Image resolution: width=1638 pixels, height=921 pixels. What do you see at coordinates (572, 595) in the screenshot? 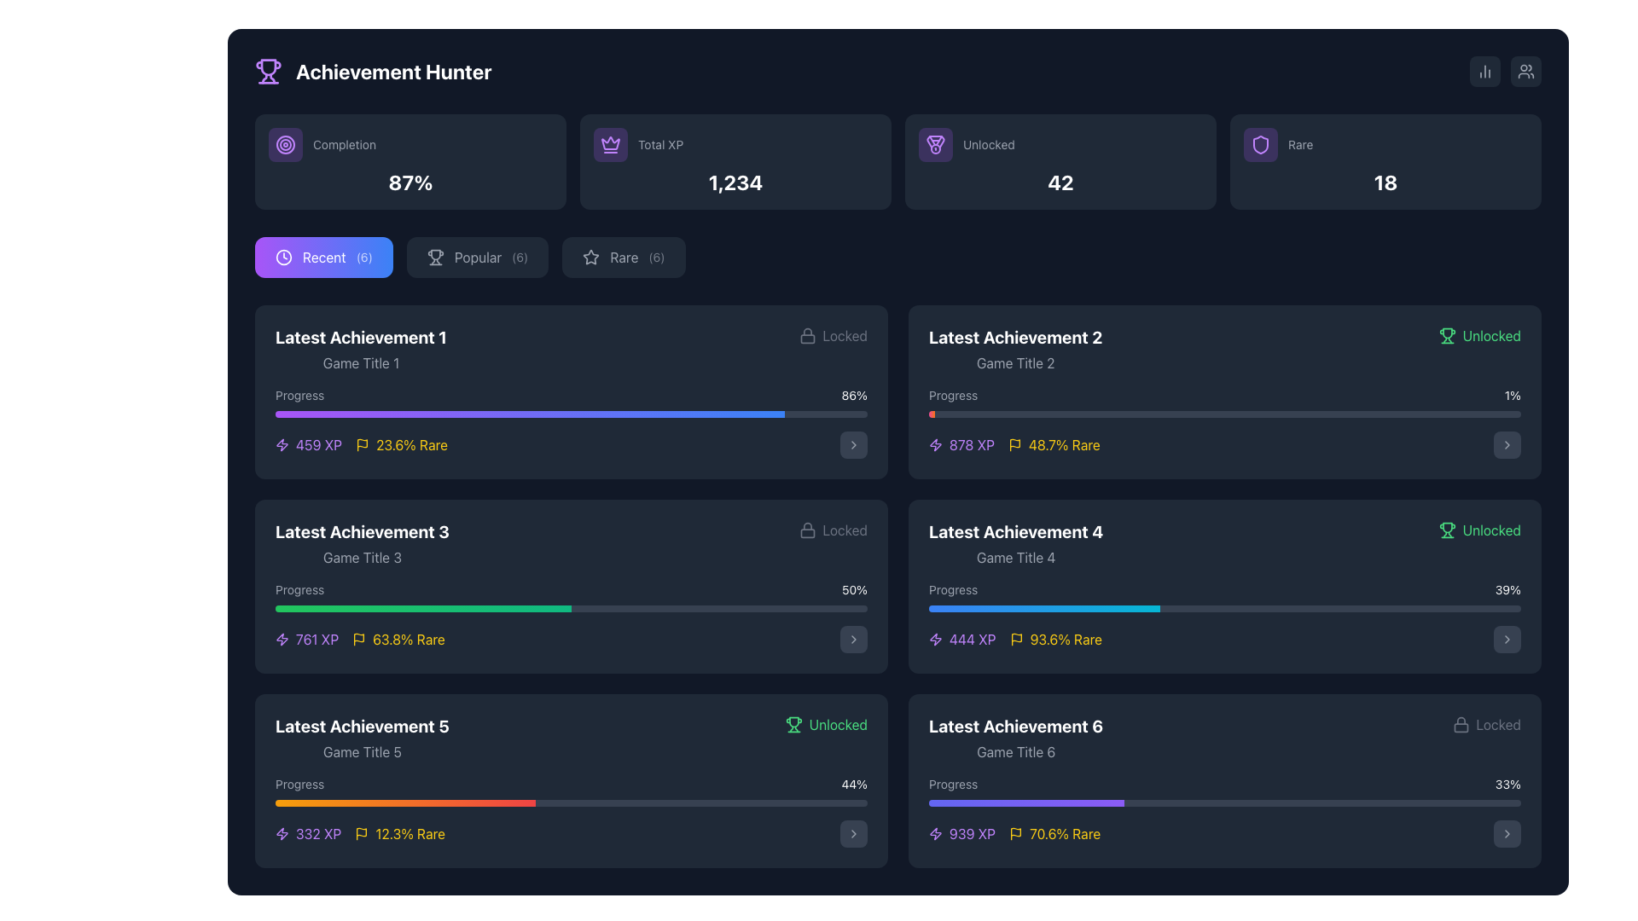
I see `the progress bar indicating the user's completion percentage for the achievement within the 'Latest Achievement 3' box` at bounding box center [572, 595].